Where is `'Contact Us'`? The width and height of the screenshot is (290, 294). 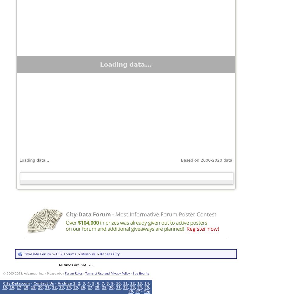 'Contact Us' is located at coordinates (43, 283).